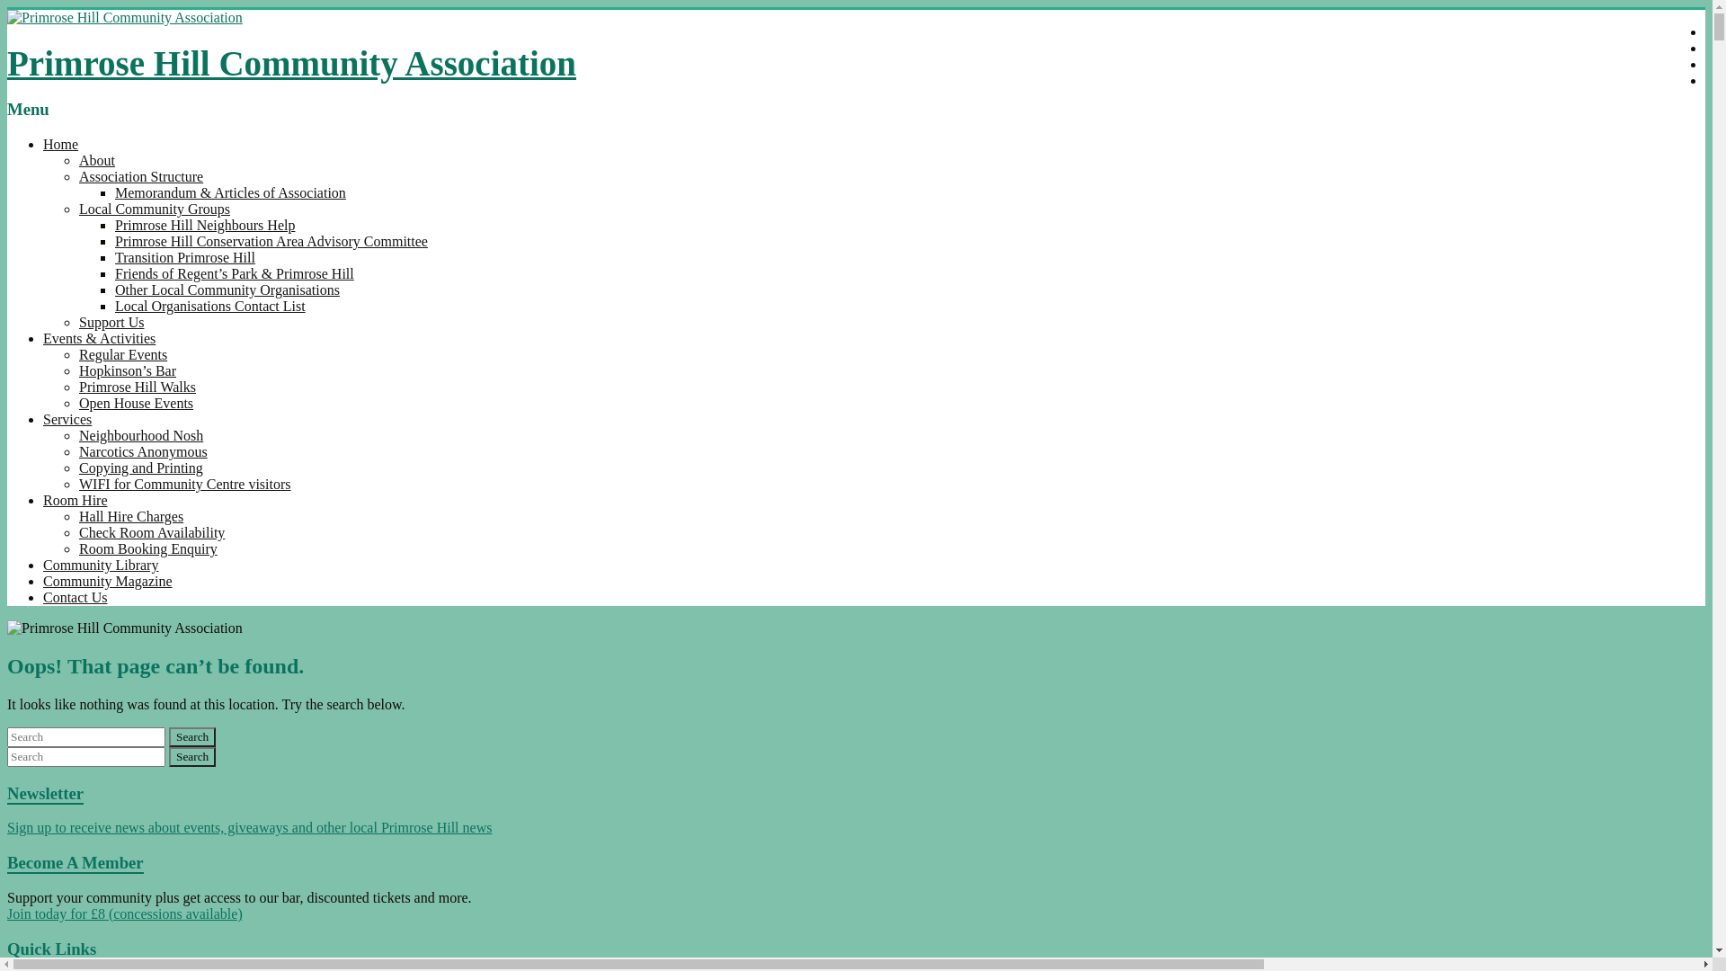  What do you see at coordinates (95, 159) in the screenshot?
I see `'About'` at bounding box center [95, 159].